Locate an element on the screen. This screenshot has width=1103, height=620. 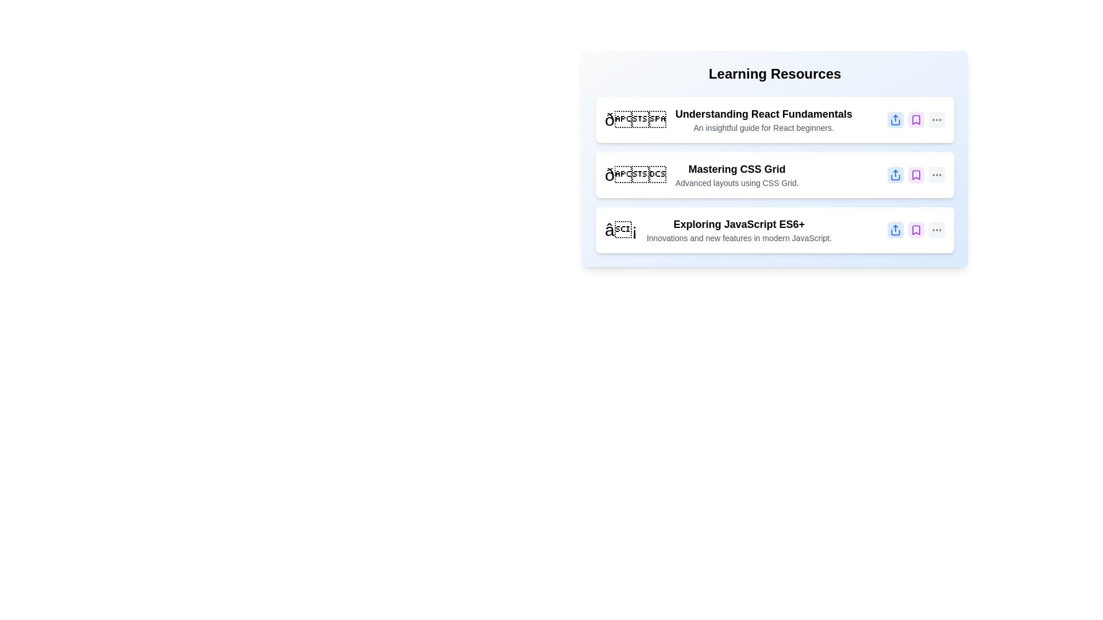
the icon of the item with the title Exploring JavaScript ES6+ is located at coordinates (620, 230).